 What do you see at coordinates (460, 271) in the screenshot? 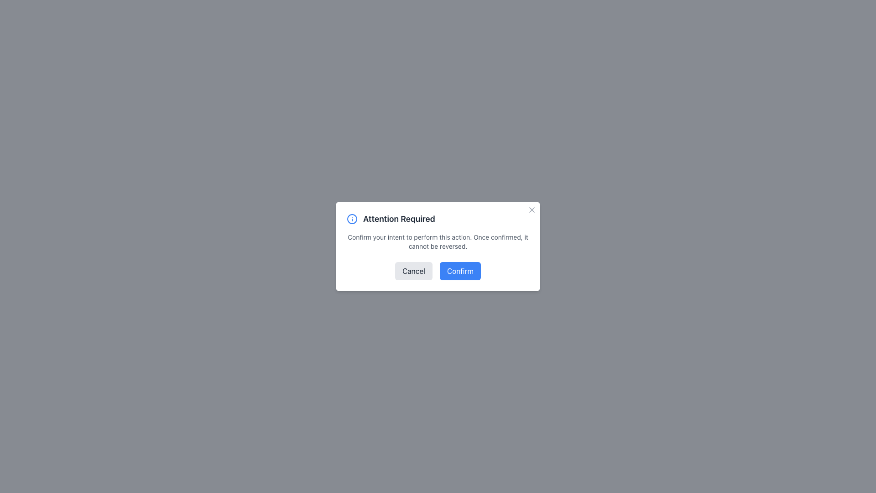
I see `the 'Confirm' button, which is a rounded rectangular button with a blue background and white text, located near the bottom-center of the dialog box` at bounding box center [460, 271].